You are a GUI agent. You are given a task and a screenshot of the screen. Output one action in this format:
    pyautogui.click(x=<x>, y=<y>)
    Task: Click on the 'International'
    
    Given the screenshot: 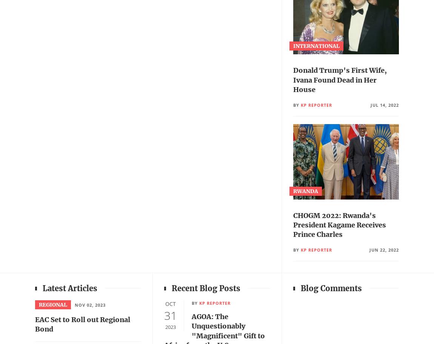 What is the action you would take?
    pyautogui.click(x=315, y=46)
    